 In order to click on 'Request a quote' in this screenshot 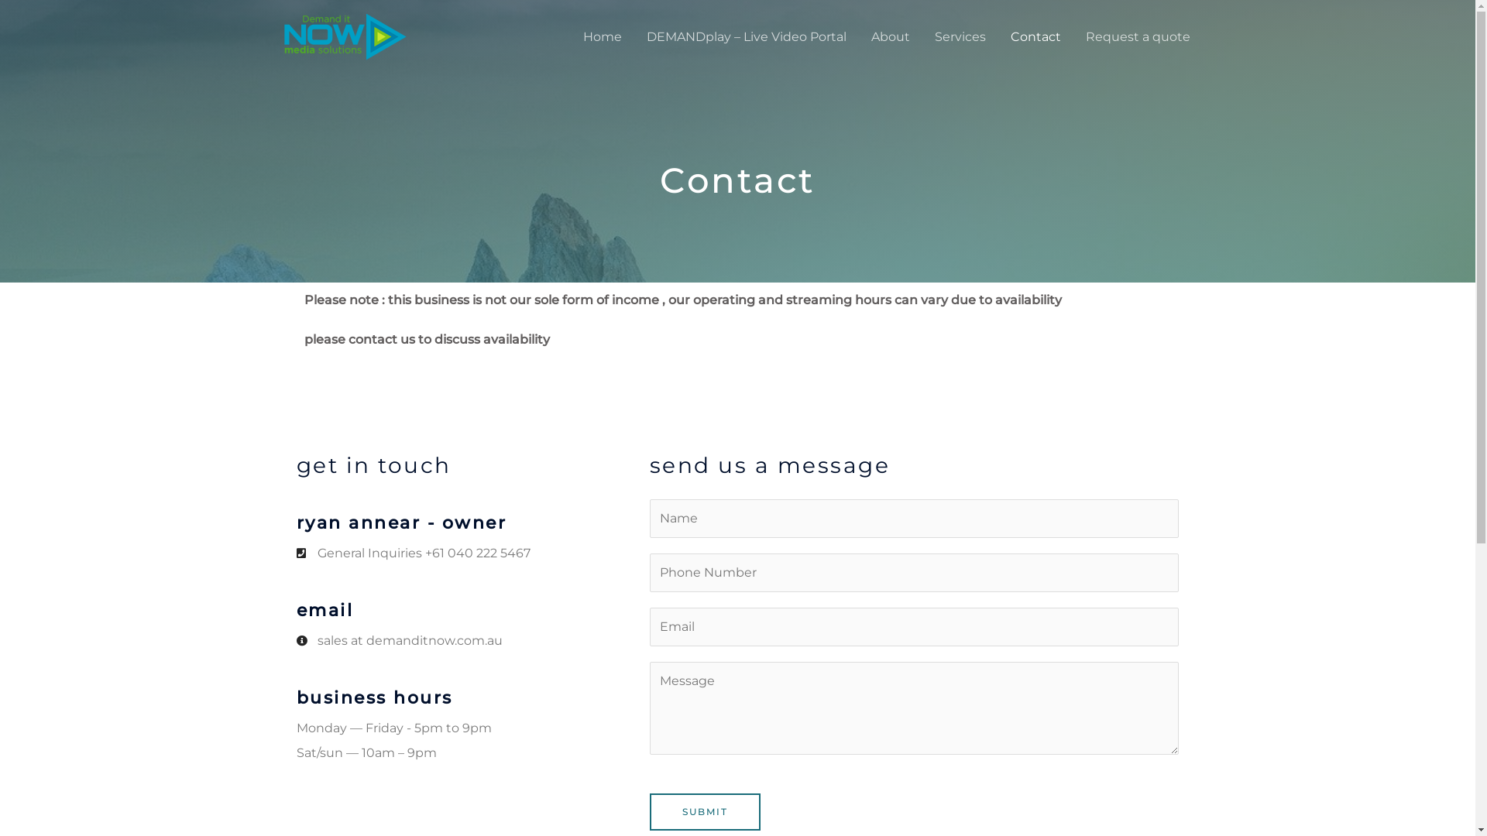, I will do `click(1138, 36)`.